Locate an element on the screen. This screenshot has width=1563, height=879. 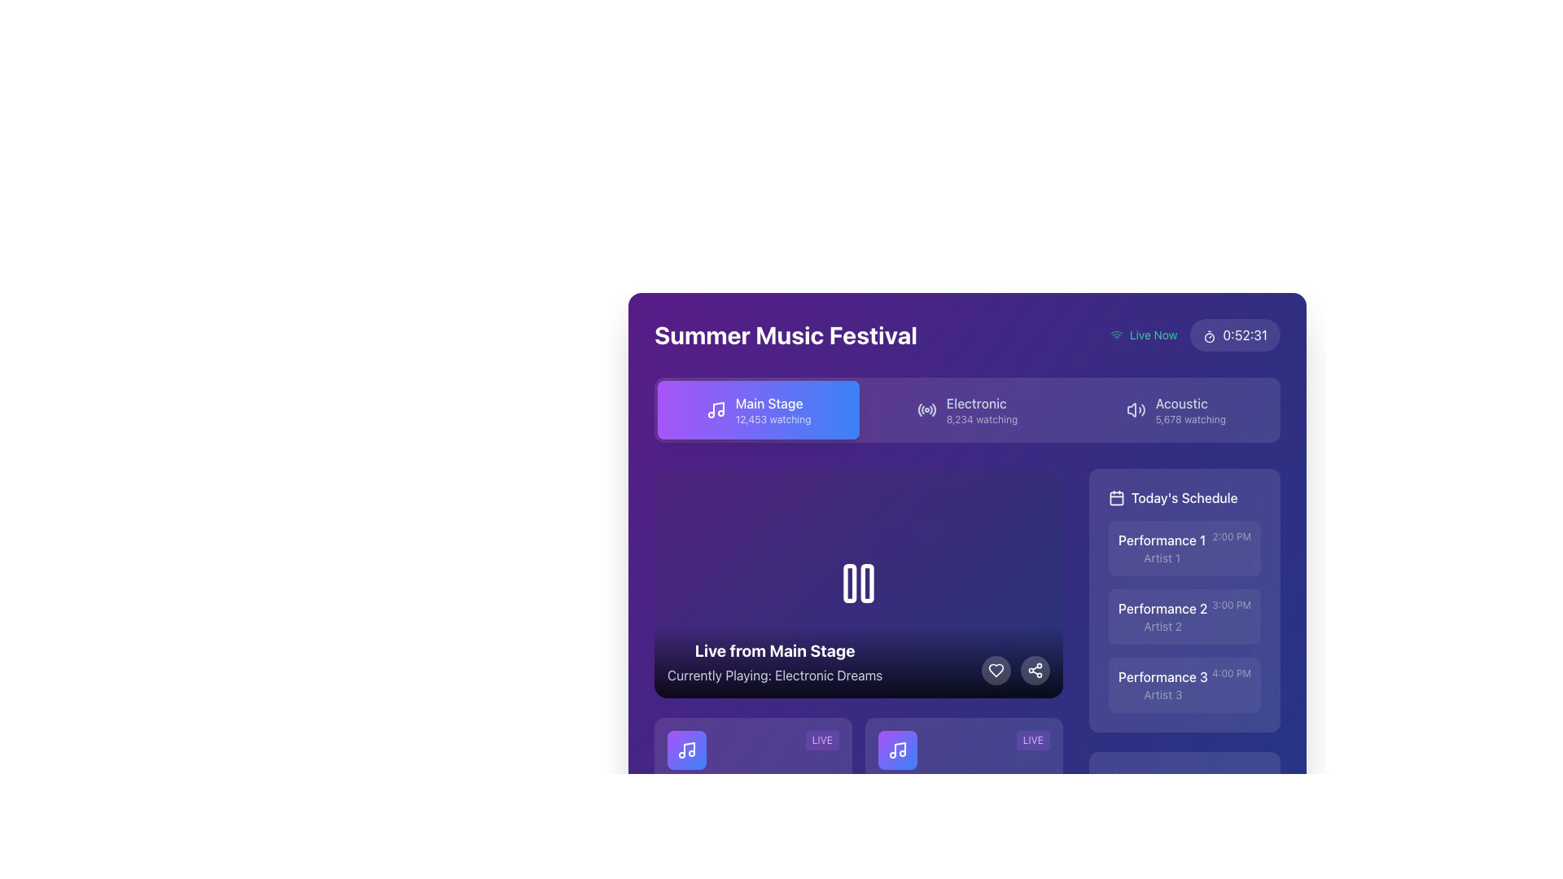
the first circular button on the bottom-right section of the 'Live from Main Stage' area, which features a white heart-shaped icon, to observe the hover effect is located at coordinates (996, 671).